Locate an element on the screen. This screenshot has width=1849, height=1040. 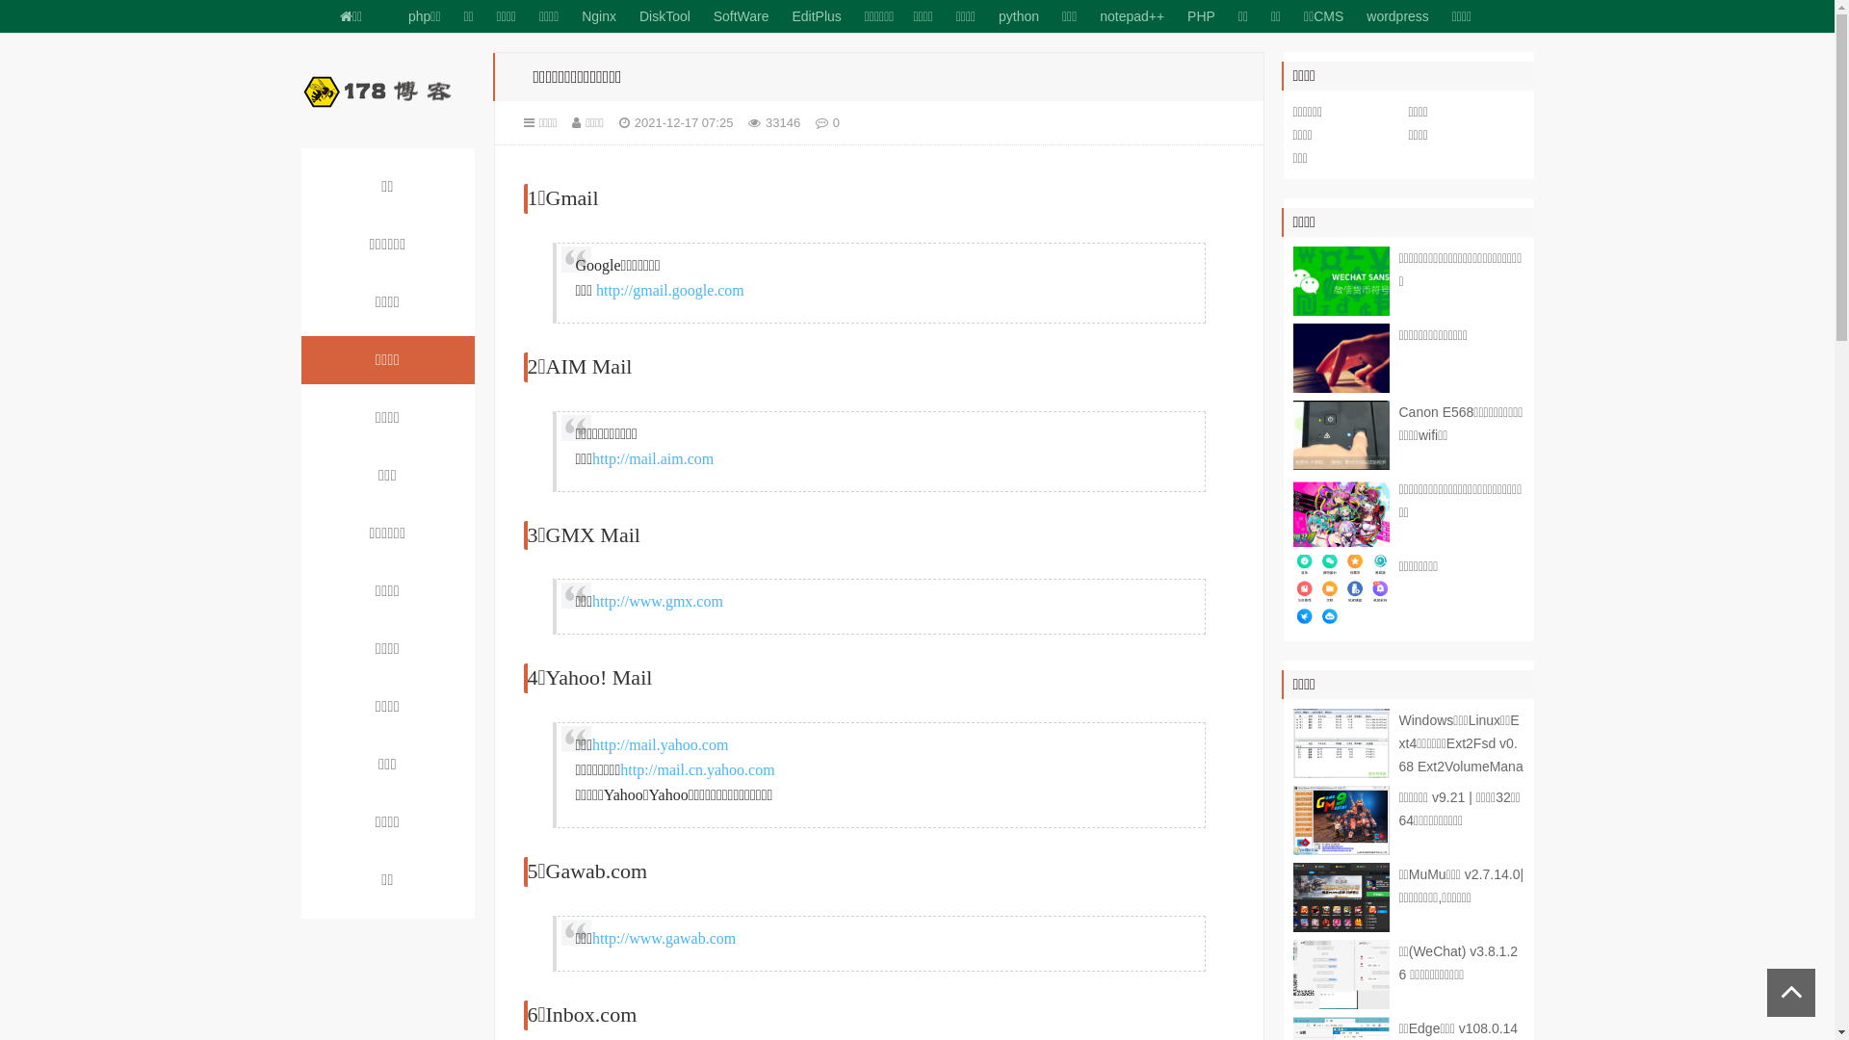
'PHP' is located at coordinates (1200, 15).